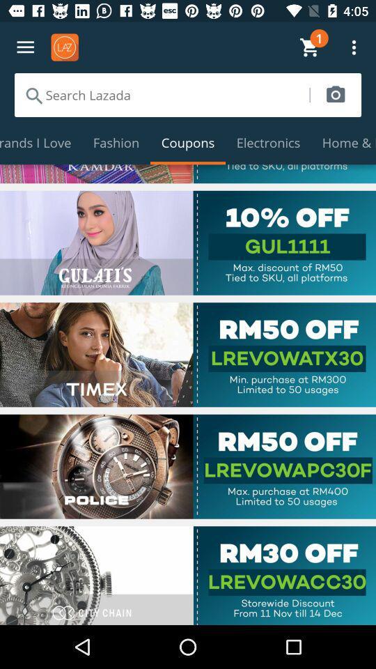  What do you see at coordinates (161, 94) in the screenshot?
I see `icon above brands i love` at bounding box center [161, 94].